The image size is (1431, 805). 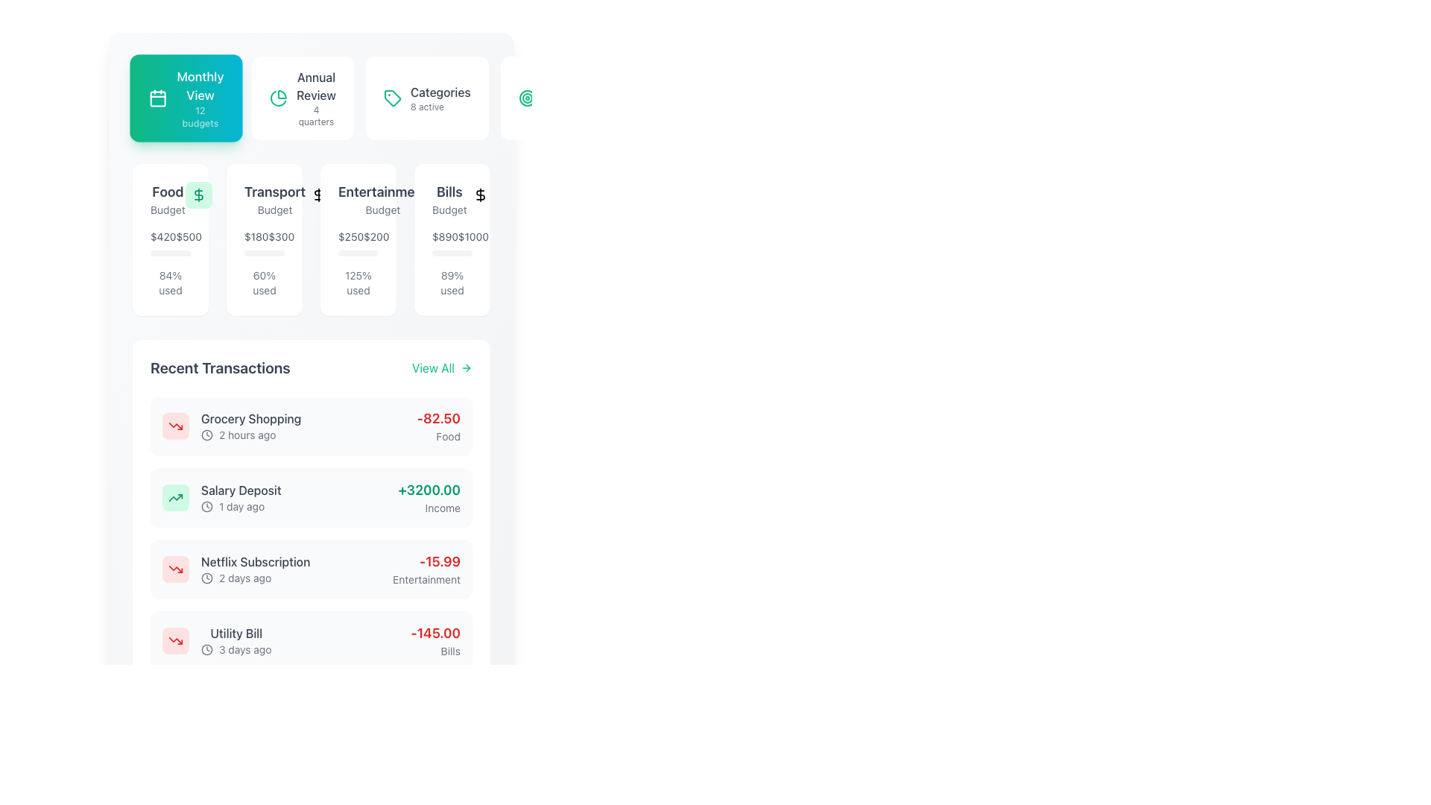 What do you see at coordinates (275, 192) in the screenshot?
I see `the 'Transport' text label, which serves as the title for the budget item in the Monthly View section, located in the second column above the 'Budget' label` at bounding box center [275, 192].